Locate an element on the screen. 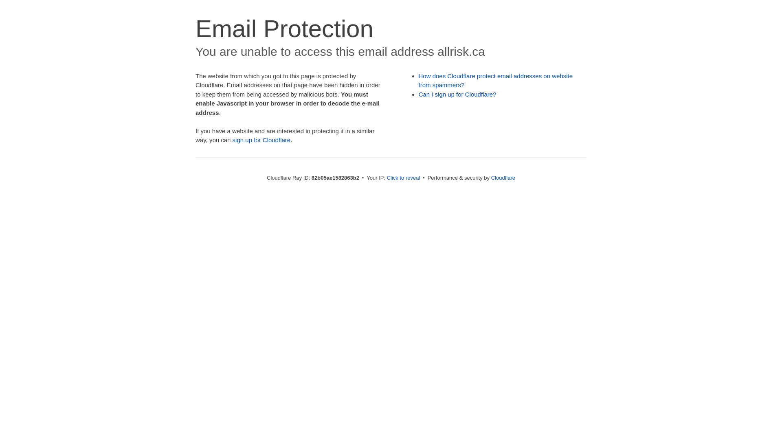 This screenshot has width=782, height=440. 'sign up for Cloudflare' is located at coordinates (261, 139).